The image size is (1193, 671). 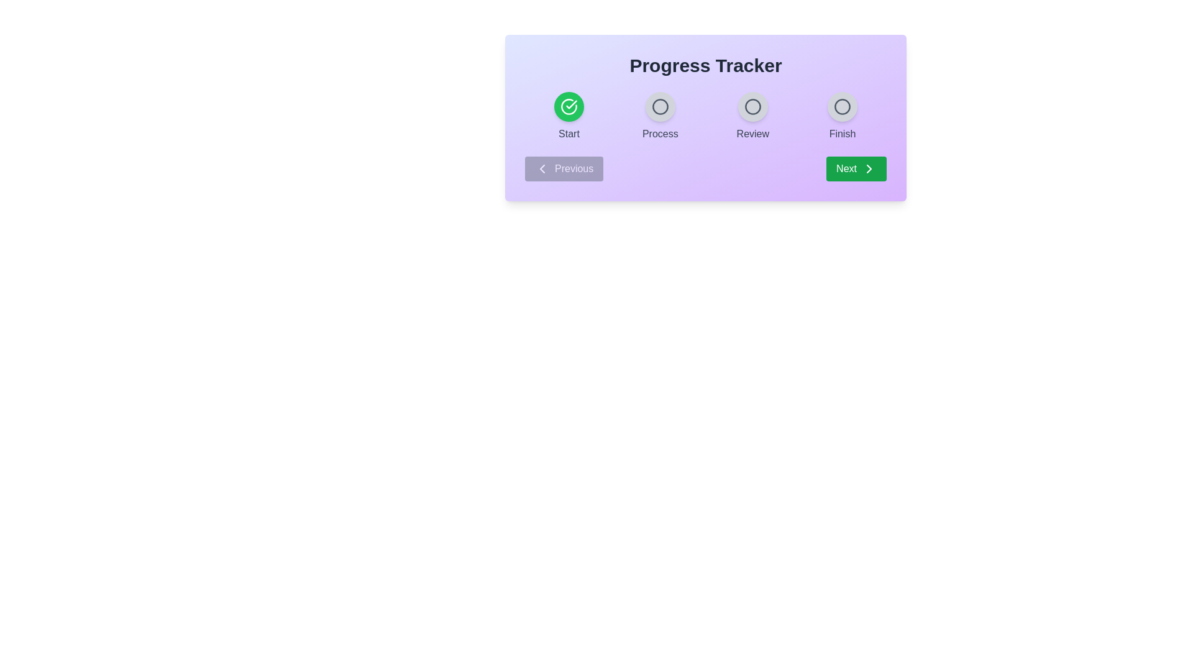 I want to click on the leftward-pointing chevron icon, which is centrally located near the bottom-left corner of the panel, adjacent to the 'Previous' button and other navigation options, so click(x=542, y=169).